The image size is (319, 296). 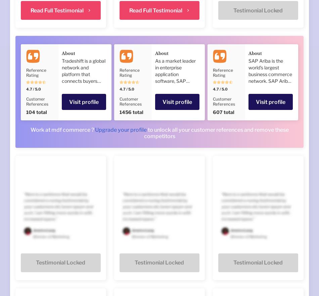 What do you see at coordinates (62, 141) in the screenshot?
I see `'Tradeshift is a global network and platform that connects buyers and suppliers. Tradeshift transforms the way companies buy, pay, and work with suppliers. Tradeshift drives supply chain innovation for the digitally connected economy. As the leader in supply chain payments and marketplaces, the company helps buyers and suppliers digitize all their trade transactions, collaborate on every process, and connect with any supply chain app.'` at bounding box center [62, 141].